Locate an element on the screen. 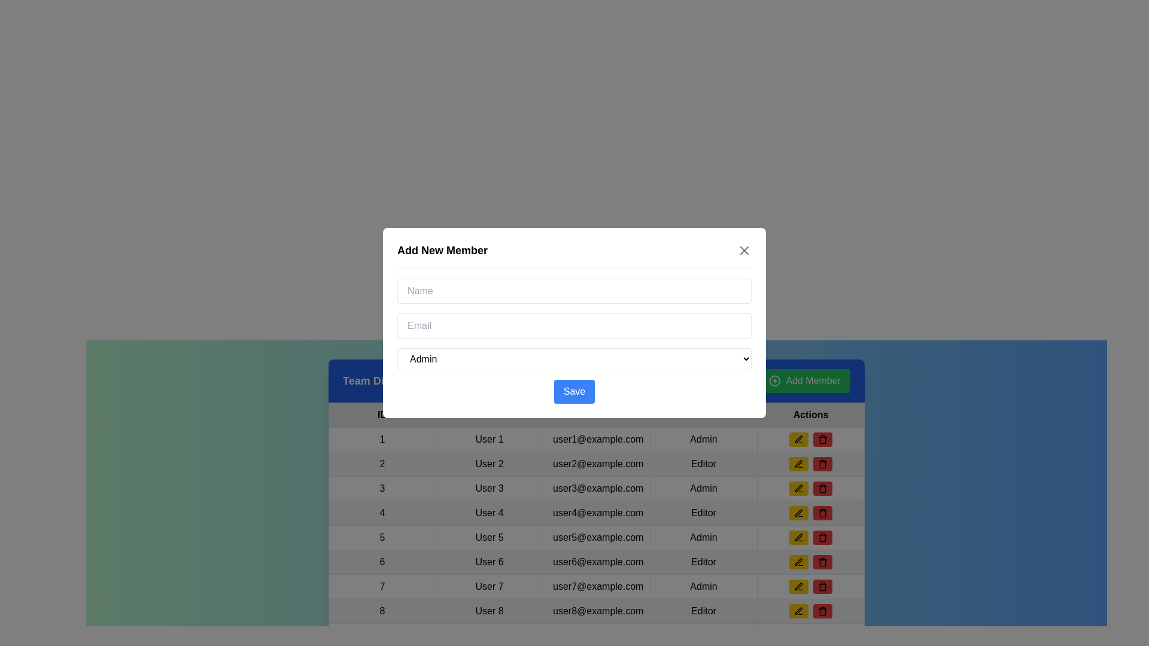 This screenshot has width=1149, height=646. the delete button located in the 'Actions' column of the table row is located at coordinates (822, 463).